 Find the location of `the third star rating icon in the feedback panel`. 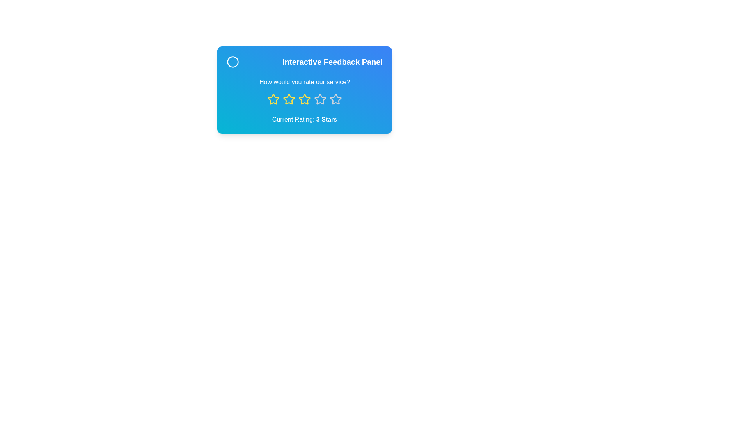

the third star rating icon in the feedback panel is located at coordinates (288, 99).